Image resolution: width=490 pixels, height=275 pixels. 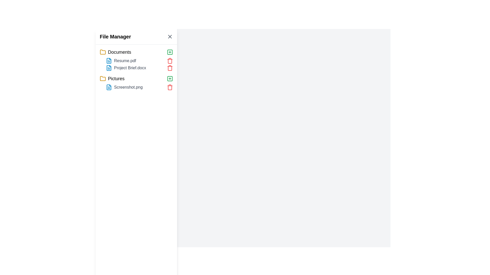 What do you see at coordinates (109, 67) in the screenshot?
I see `the document icon represented by a bold blue-stroked rectangular shape with a folded corner, positioned as the second file in the 'Documents' folder, to trigger a file-related action` at bounding box center [109, 67].